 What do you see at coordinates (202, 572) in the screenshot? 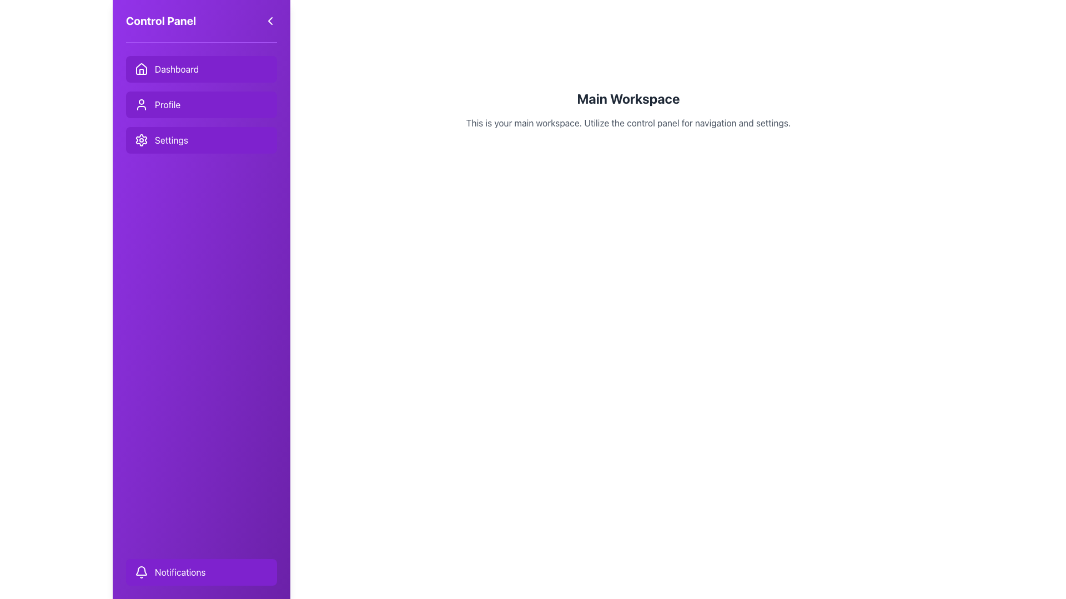
I see `the Notifications button with a purple background and bell icon` at bounding box center [202, 572].